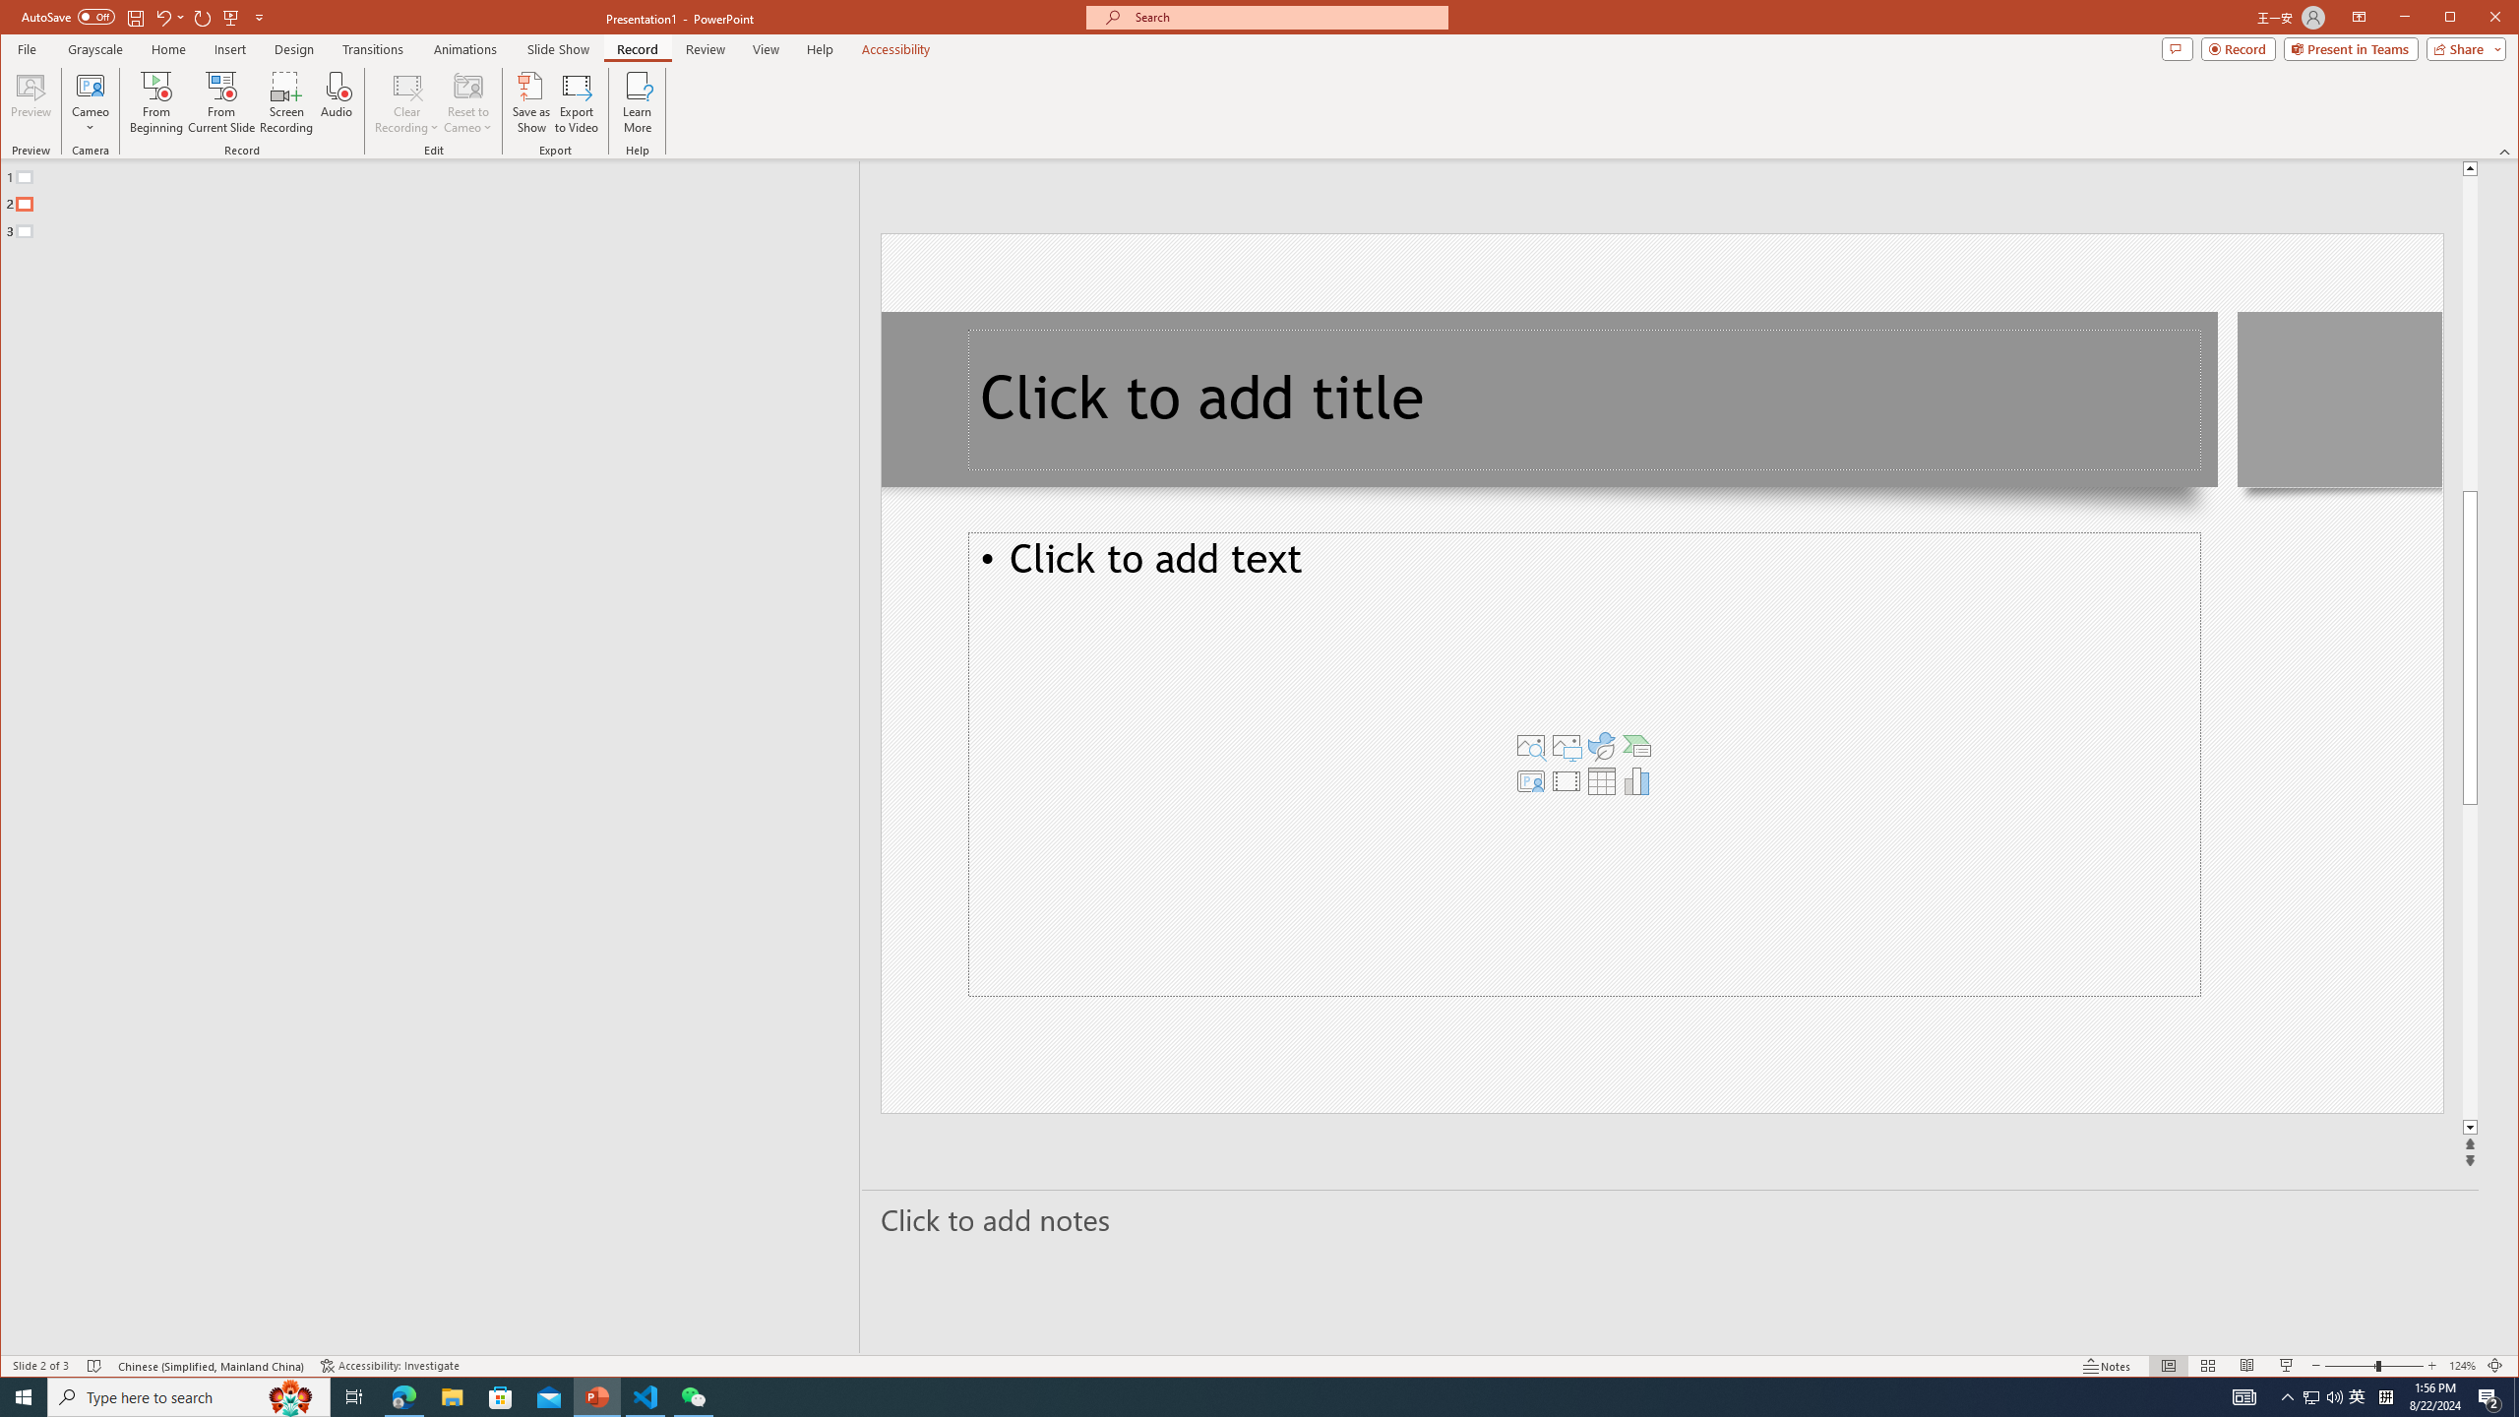 The width and height of the screenshot is (2519, 1417). Describe the element at coordinates (1531, 746) in the screenshot. I see `'Stock Images'` at that location.